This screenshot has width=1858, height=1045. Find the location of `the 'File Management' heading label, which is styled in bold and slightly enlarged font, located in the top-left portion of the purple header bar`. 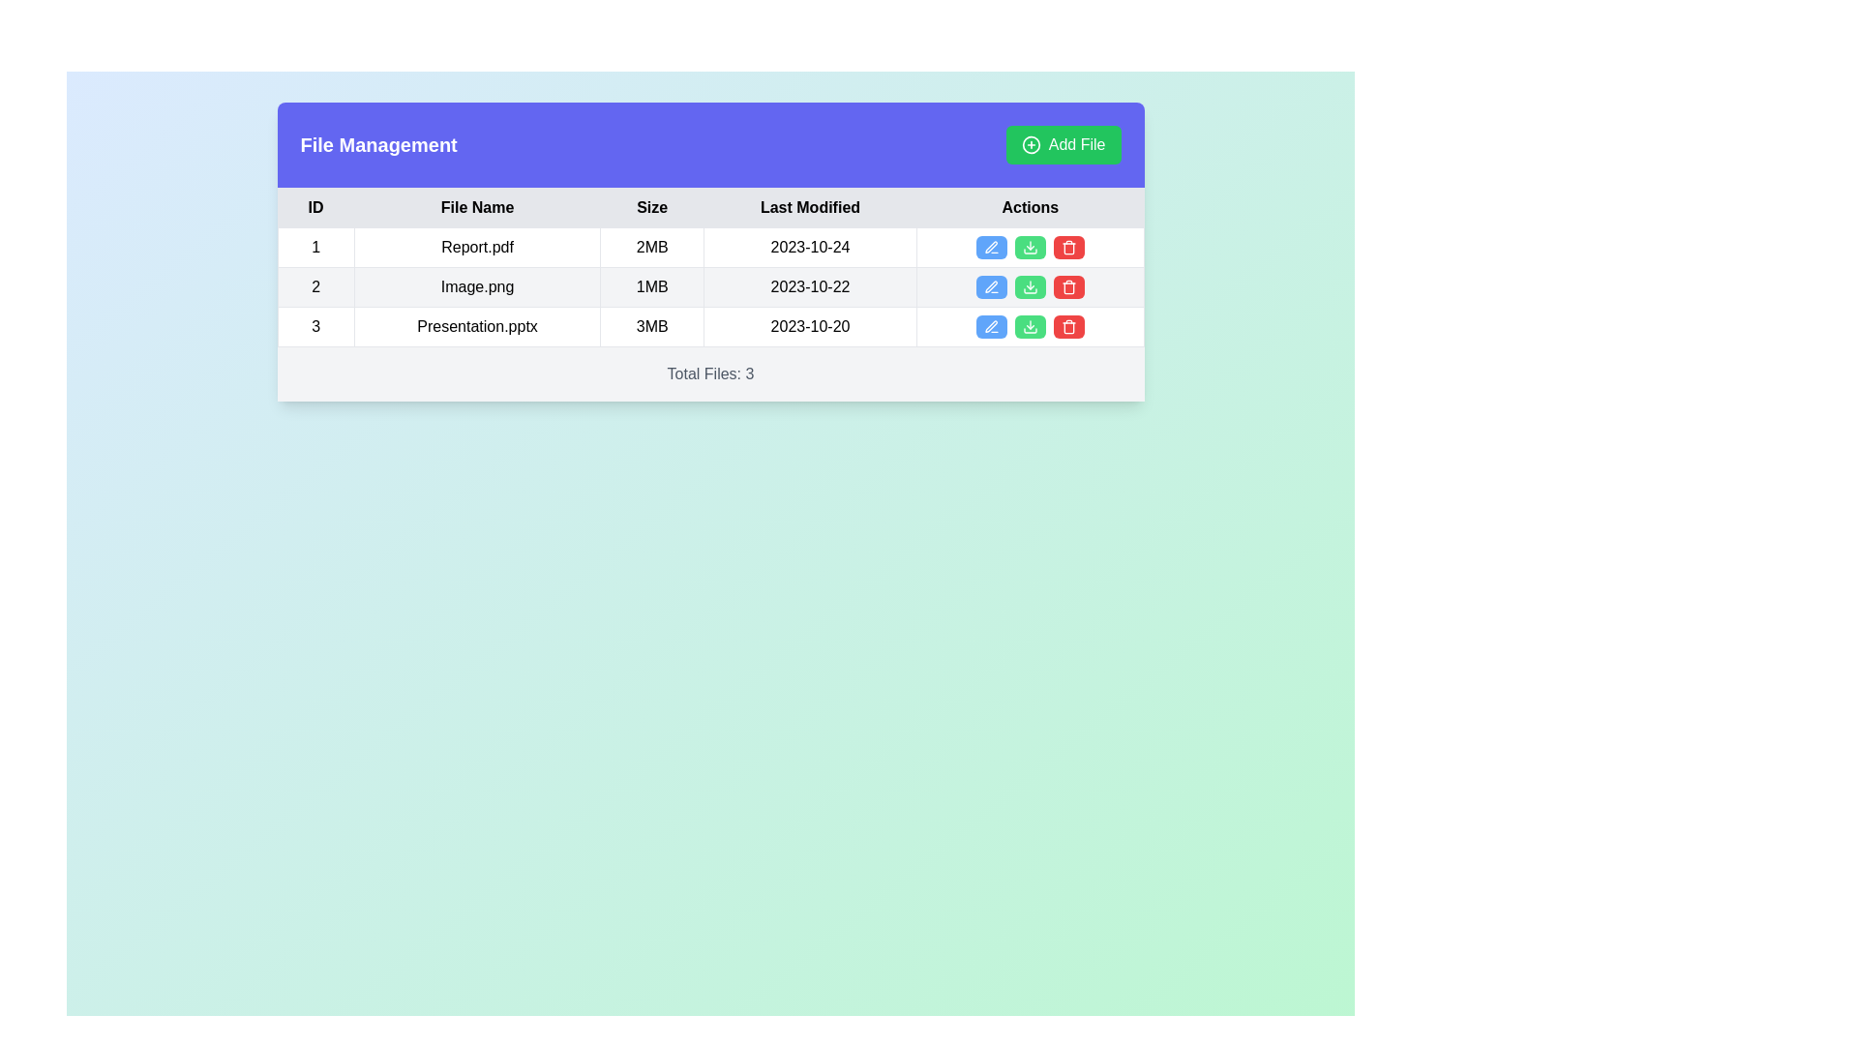

the 'File Management' heading label, which is styled in bold and slightly enlarged font, located in the top-left portion of the purple header bar is located at coordinates (378, 144).